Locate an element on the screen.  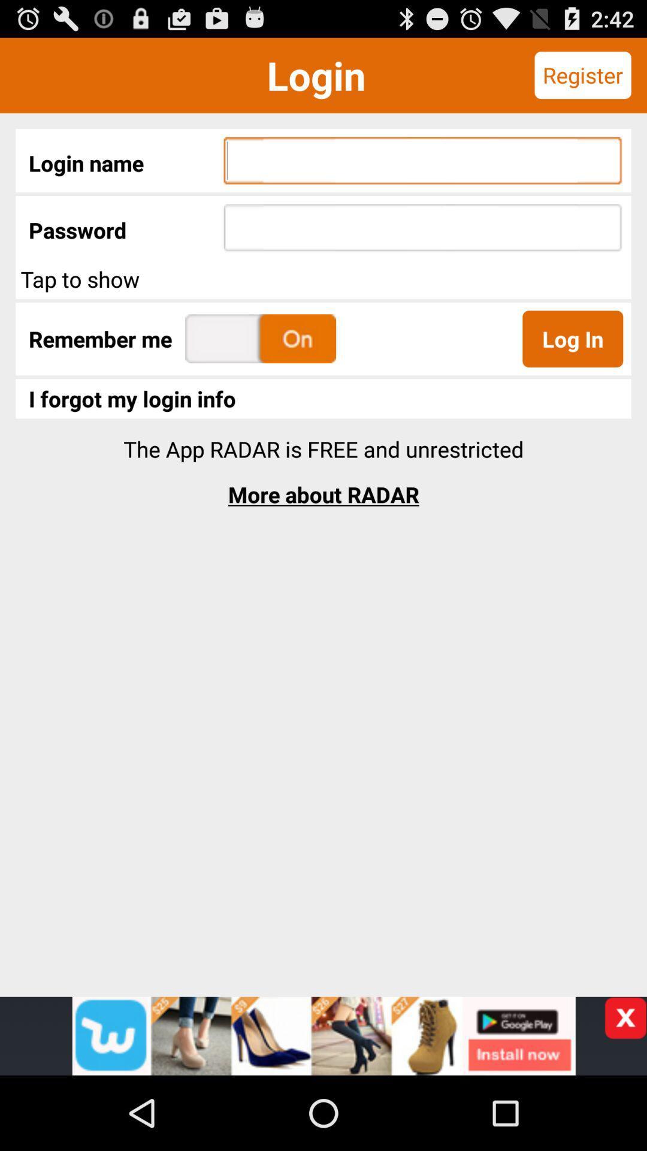
click off or on to remember me is located at coordinates (260, 338).